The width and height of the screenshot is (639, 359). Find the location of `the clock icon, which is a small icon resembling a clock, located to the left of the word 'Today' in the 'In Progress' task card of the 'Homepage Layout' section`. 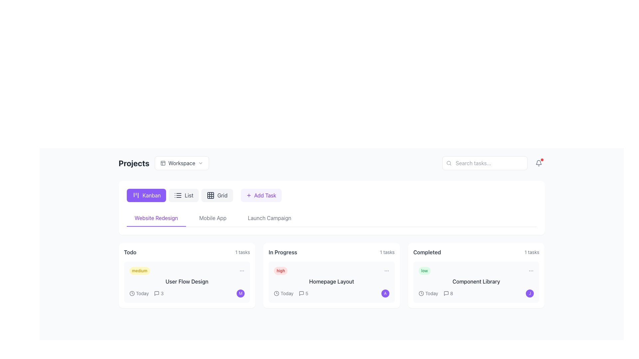

the clock icon, which is a small icon resembling a clock, located to the left of the word 'Today' in the 'In Progress' task card of the 'Homepage Layout' section is located at coordinates (277, 293).